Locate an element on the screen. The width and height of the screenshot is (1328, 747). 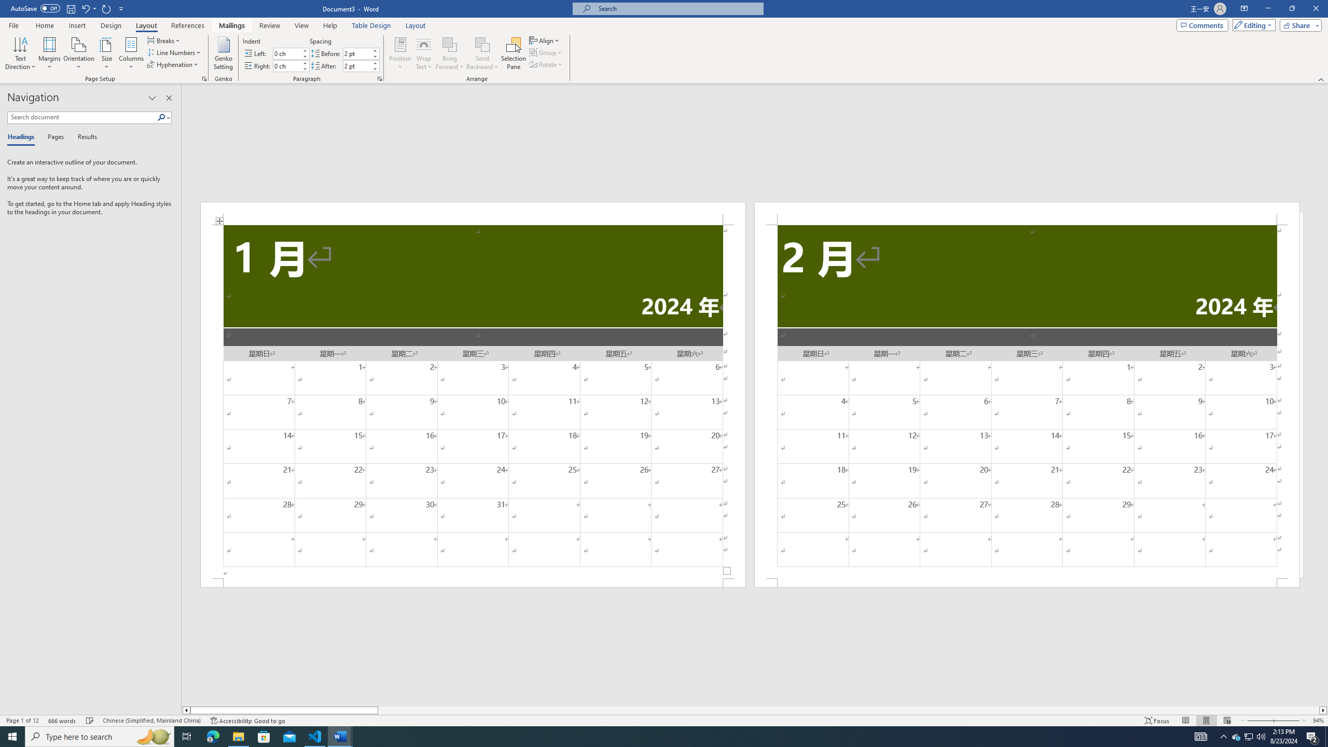
'Page Setup...' is located at coordinates (204, 78).